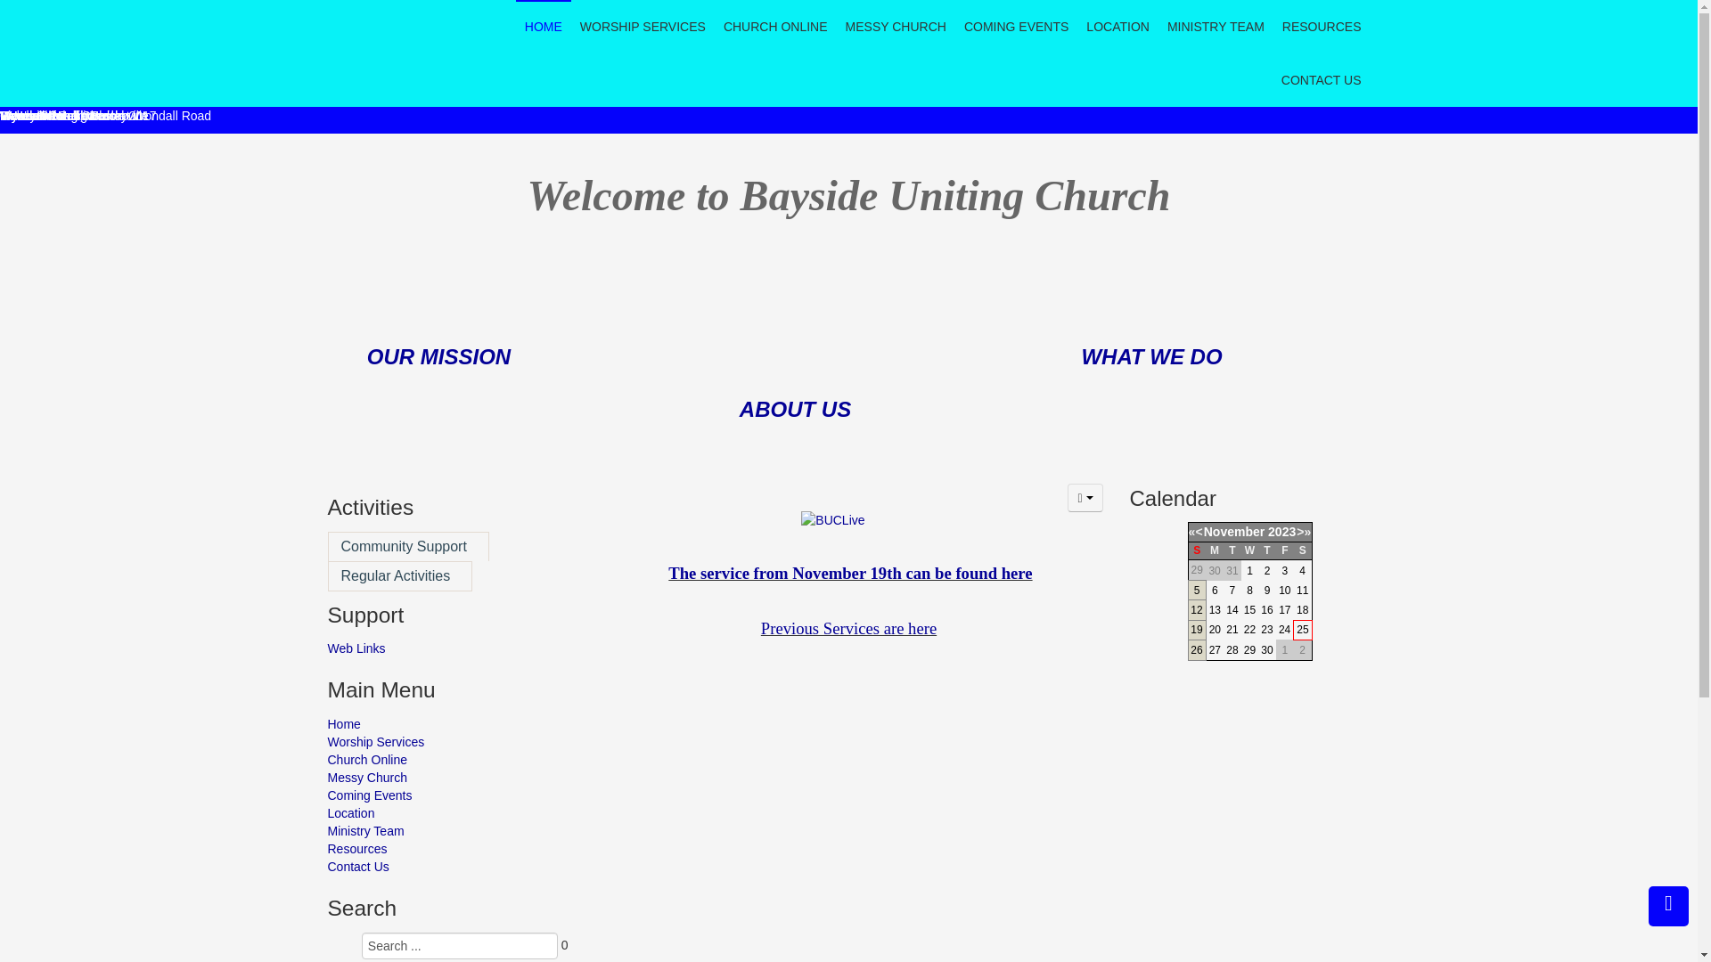  I want to click on '26', so click(1196, 649).